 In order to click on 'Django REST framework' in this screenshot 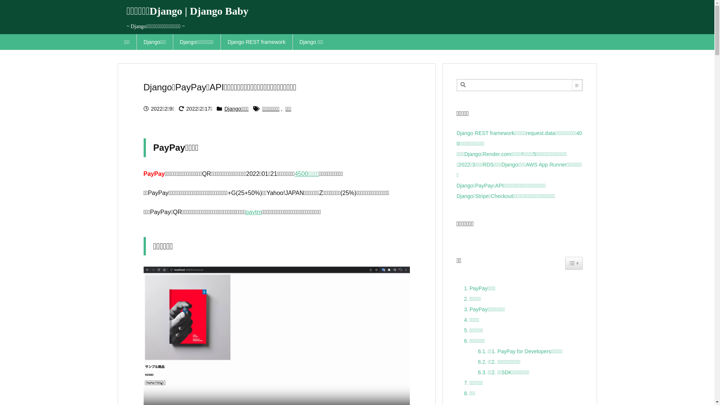, I will do `click(256, 42)`.